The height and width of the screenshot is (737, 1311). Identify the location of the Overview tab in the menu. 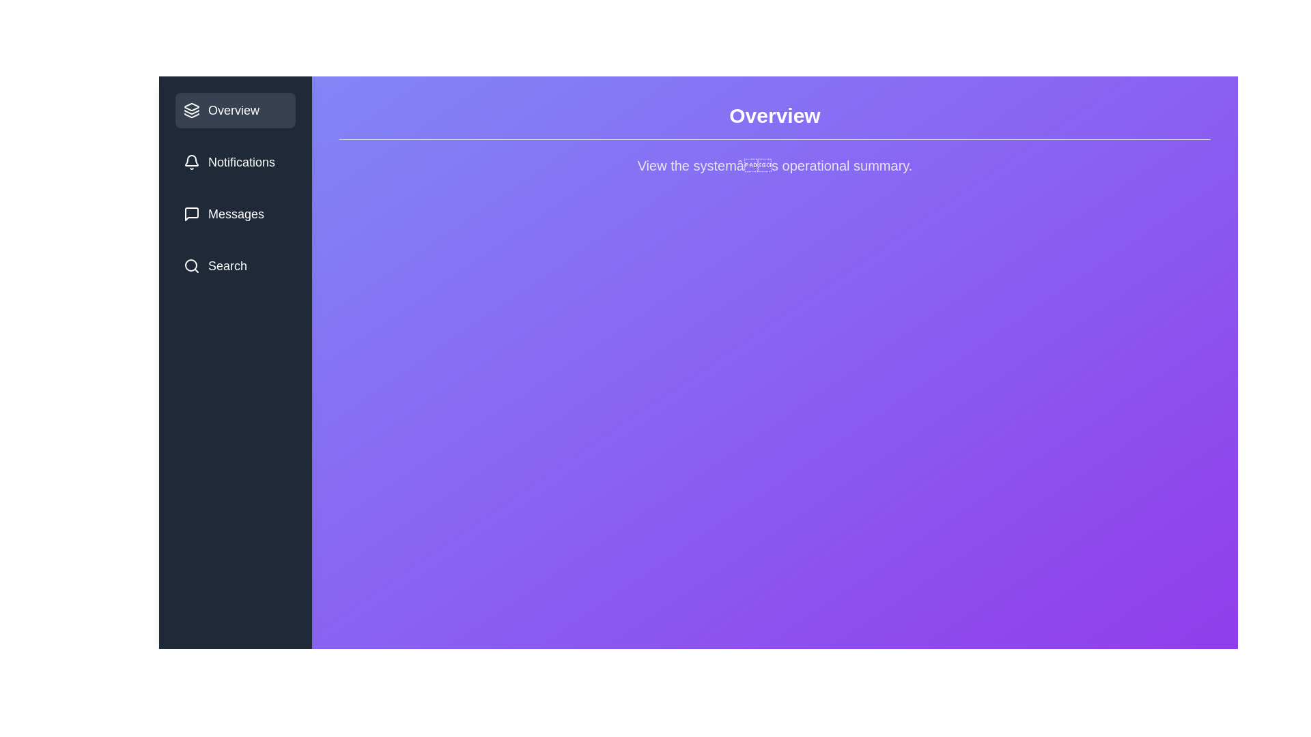
(236, 110).